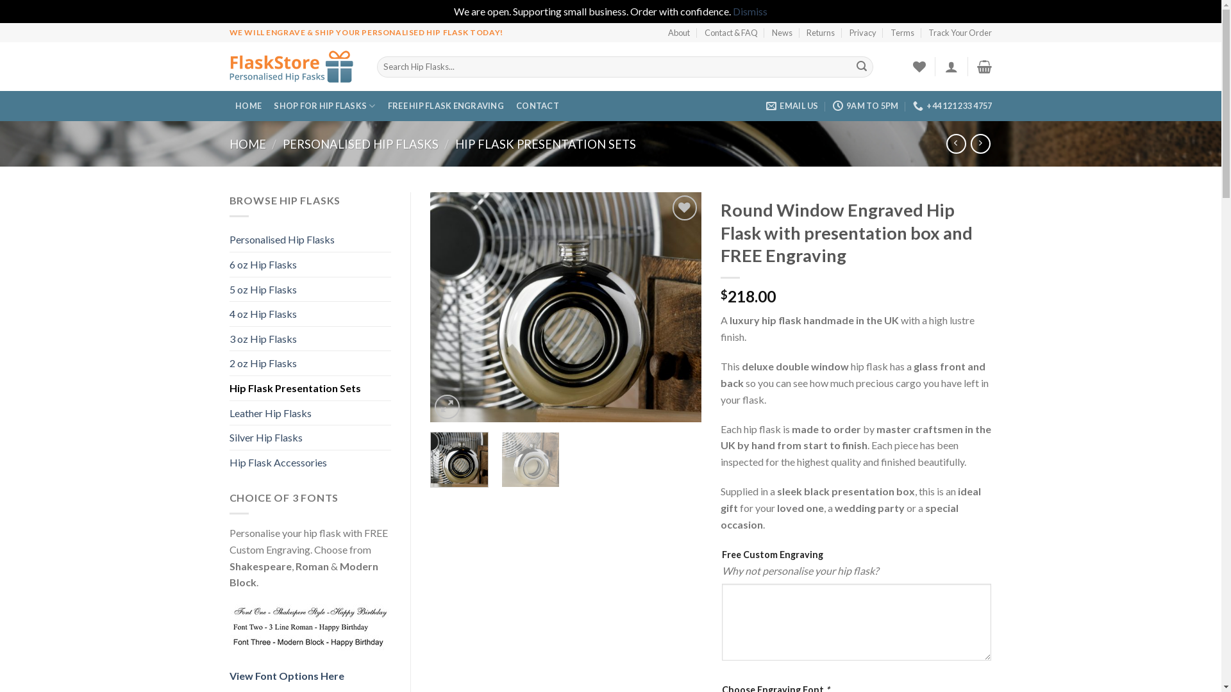 This screenshot has height=692, width=1231. Describe the element at coordinates (310, 313) in the screenshot. I see `'4 oz Hip Flasks'` at that location.